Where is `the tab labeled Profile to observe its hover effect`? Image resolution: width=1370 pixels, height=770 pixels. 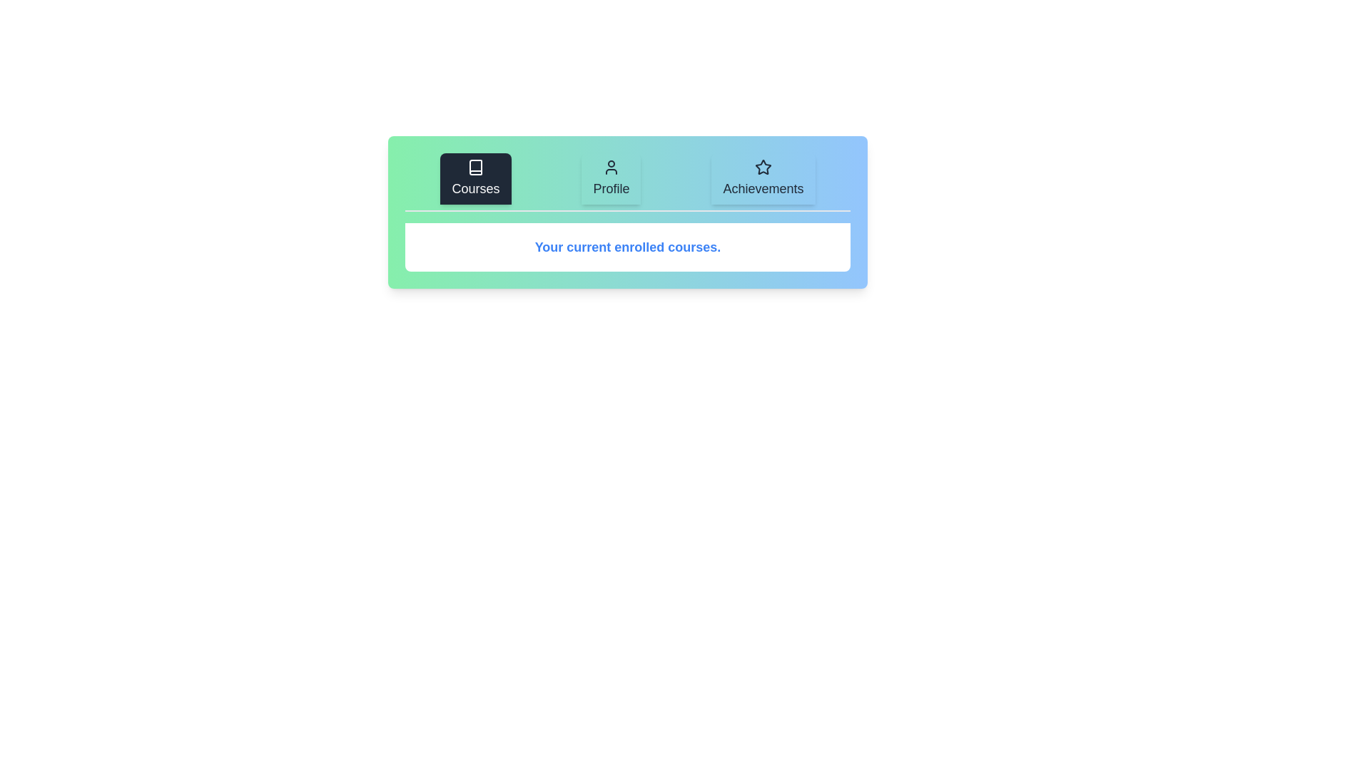
the tab labeled Profile to observe its hover effect is located at coordinates (611, 178).